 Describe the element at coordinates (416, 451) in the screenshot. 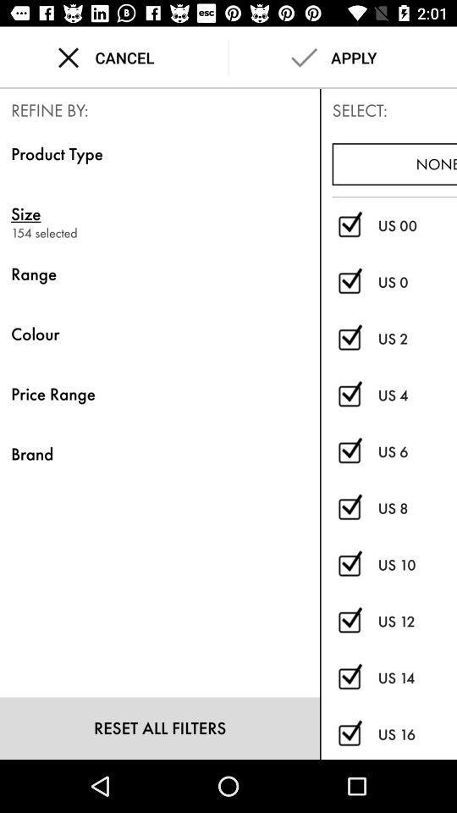

I see `item below the us 4 item` at that location.